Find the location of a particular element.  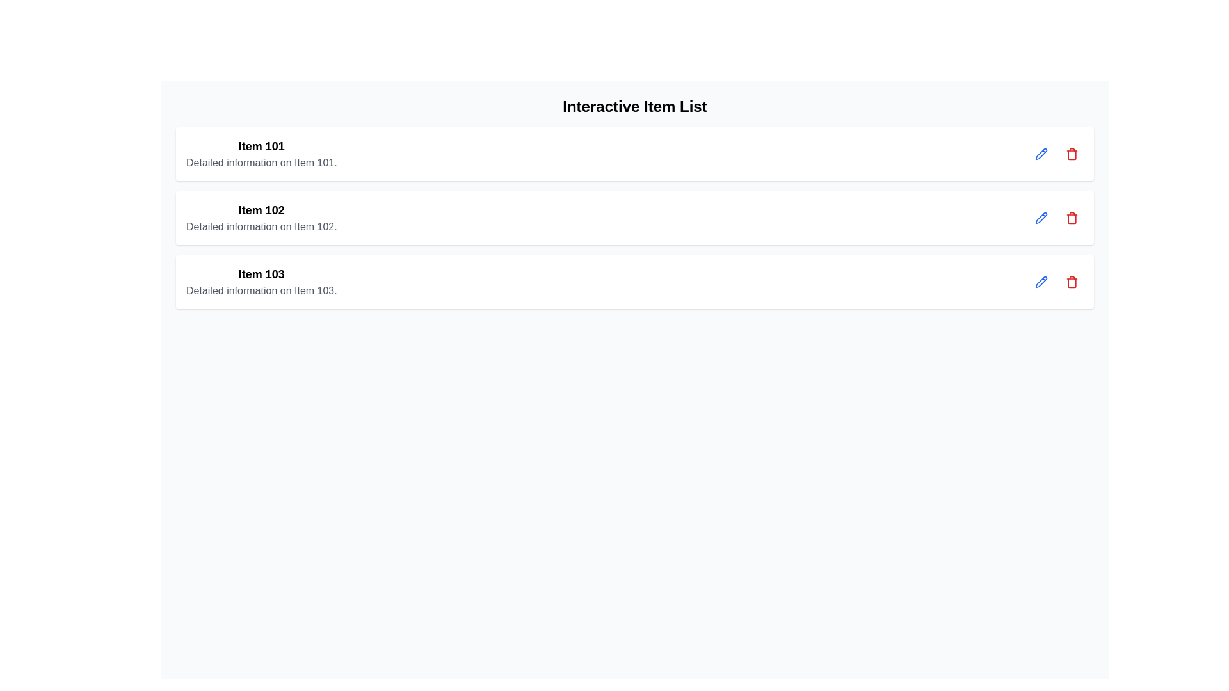

the edit button located to the right of 'Item 103' to initiate editing of the associated item is located at coordinates (1041, 280).